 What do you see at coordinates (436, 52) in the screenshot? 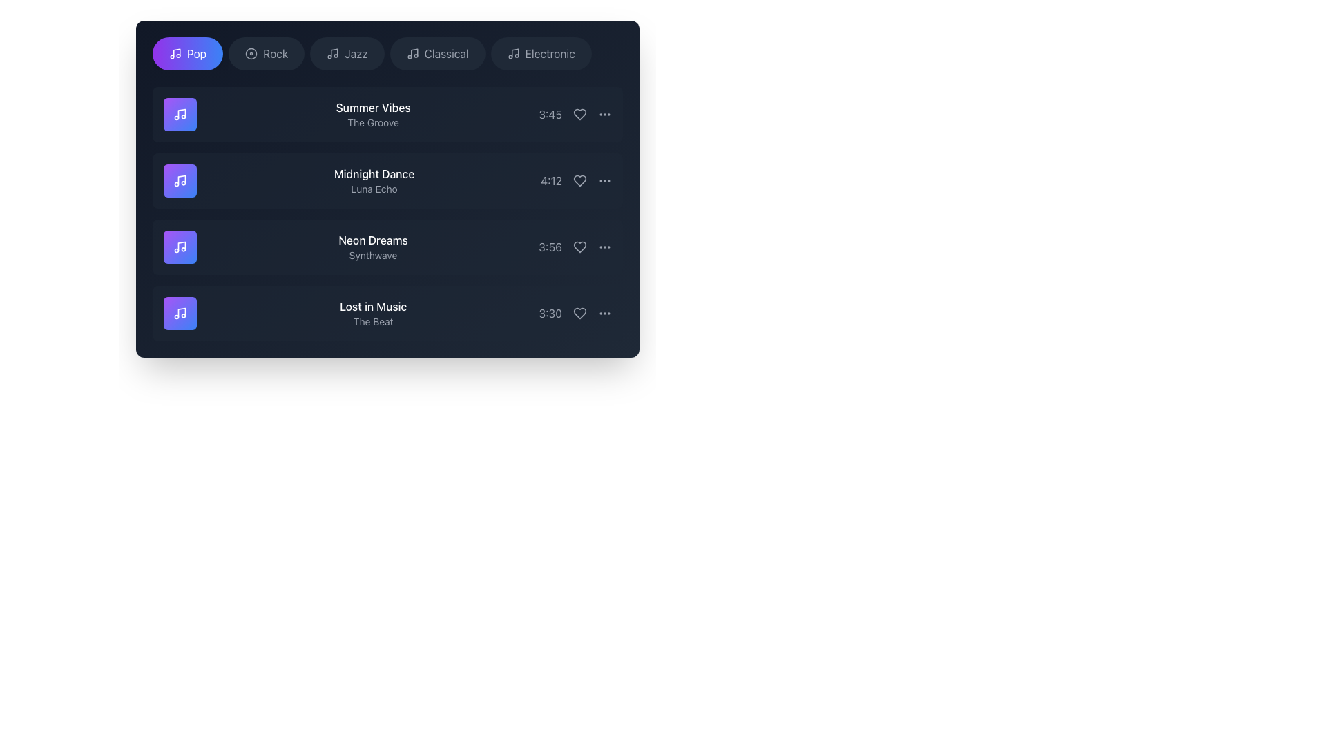
I see `the 'Classical' button, which is a dark gray button with a music note icon and light gray text, to change its background color` at bounding box center [436, 52].